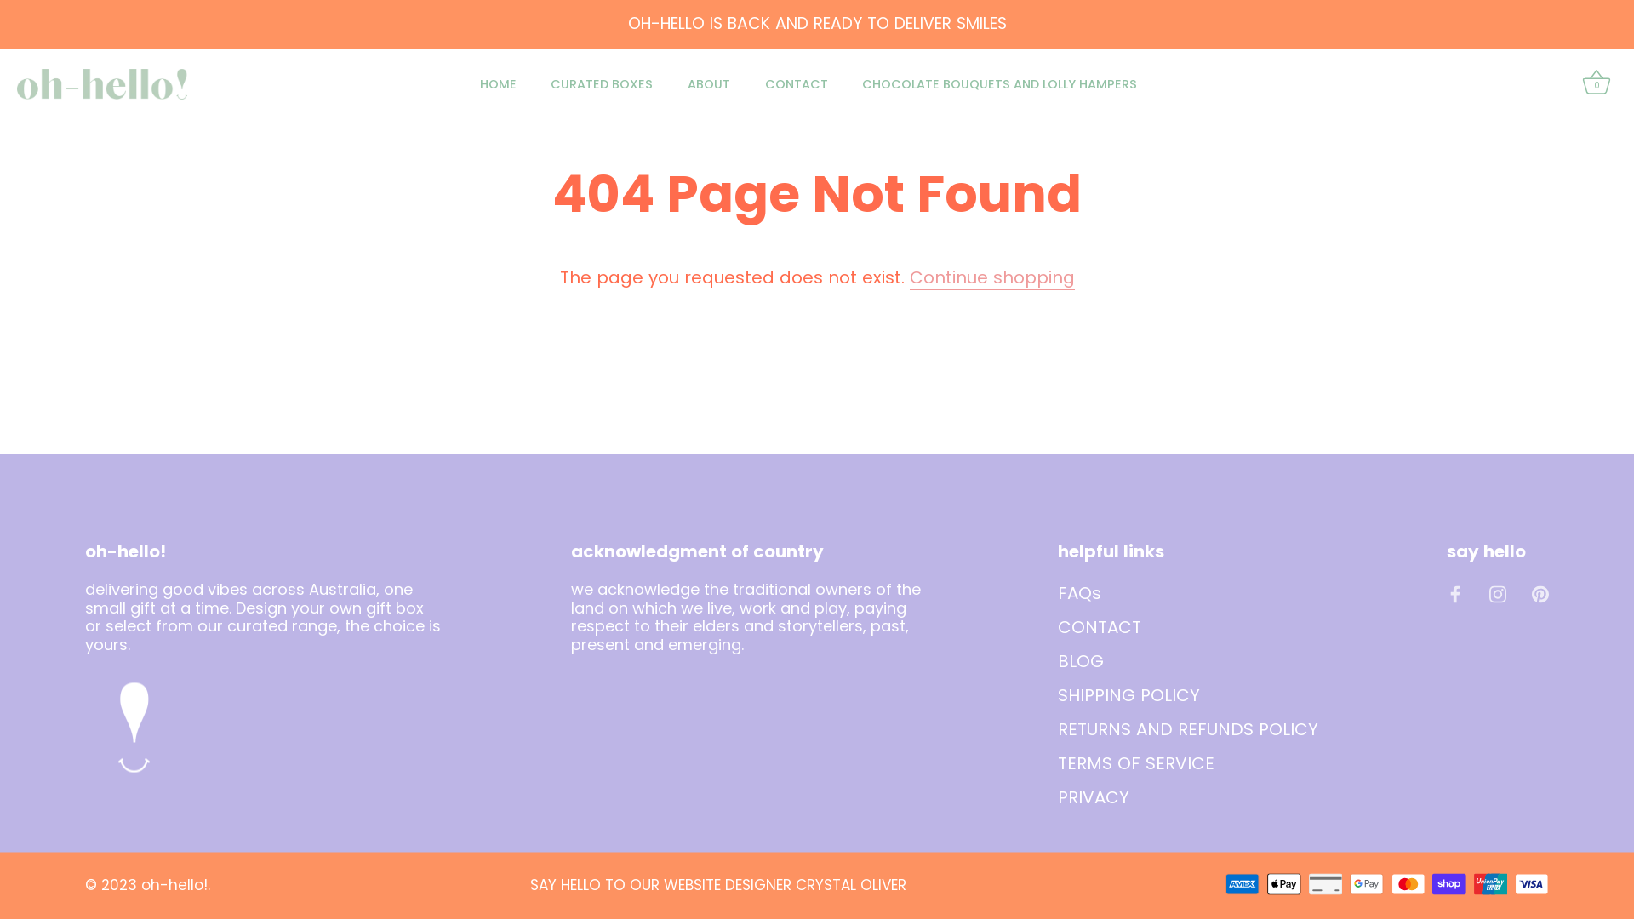 The height and width of the screenshot is (919, 1634). What do you see at coordinates (850, 884) in the screenshot?
I see `'CRYSTAL OLIVER'` at bounding box center [850, 884].